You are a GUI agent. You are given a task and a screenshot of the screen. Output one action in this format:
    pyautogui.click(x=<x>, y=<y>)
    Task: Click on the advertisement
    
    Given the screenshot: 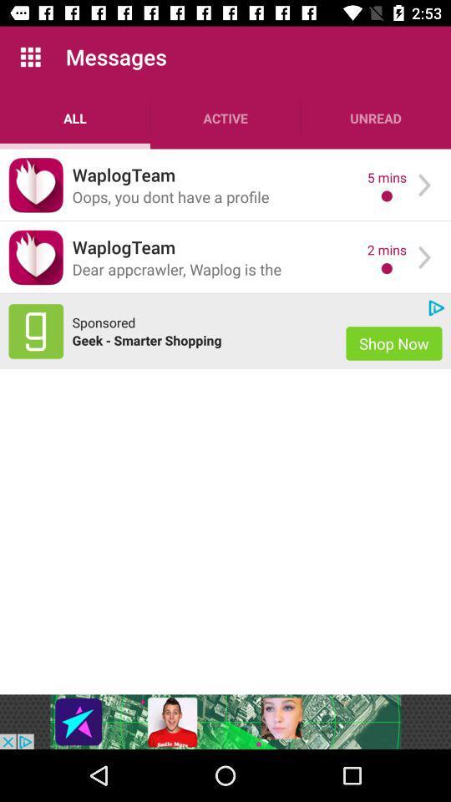 What is the action you would take?
    pyautogui.click(x=225, y=721)
    